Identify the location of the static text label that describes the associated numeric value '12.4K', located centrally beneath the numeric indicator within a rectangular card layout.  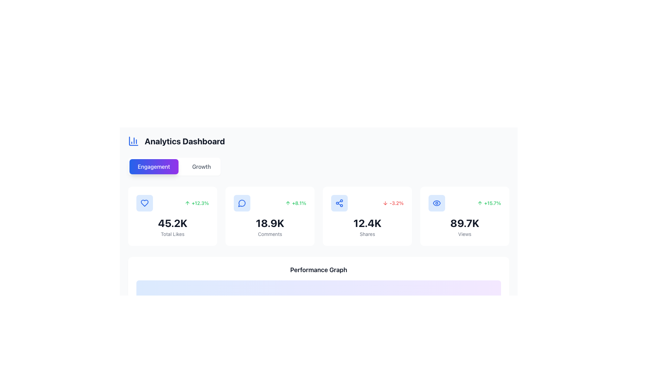
(367, 234).